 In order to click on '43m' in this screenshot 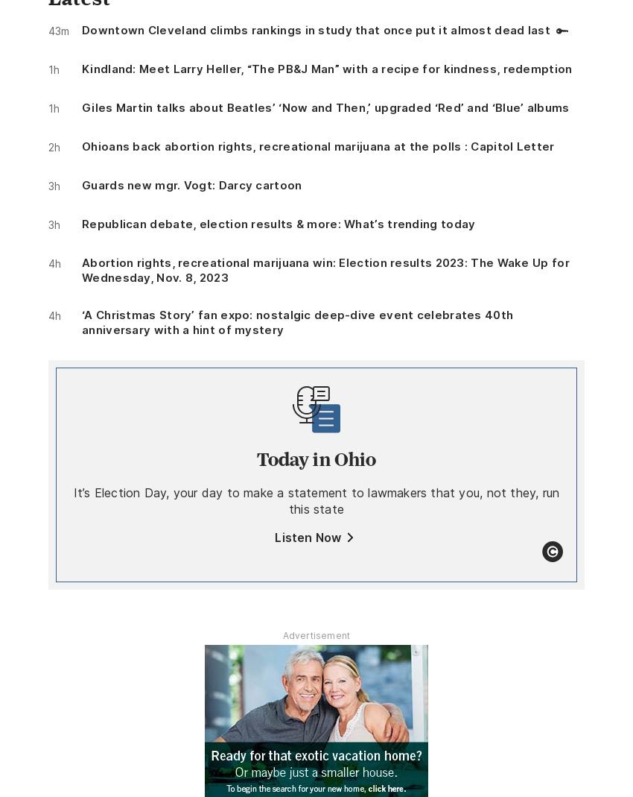, I will do `click(58, 29)`.